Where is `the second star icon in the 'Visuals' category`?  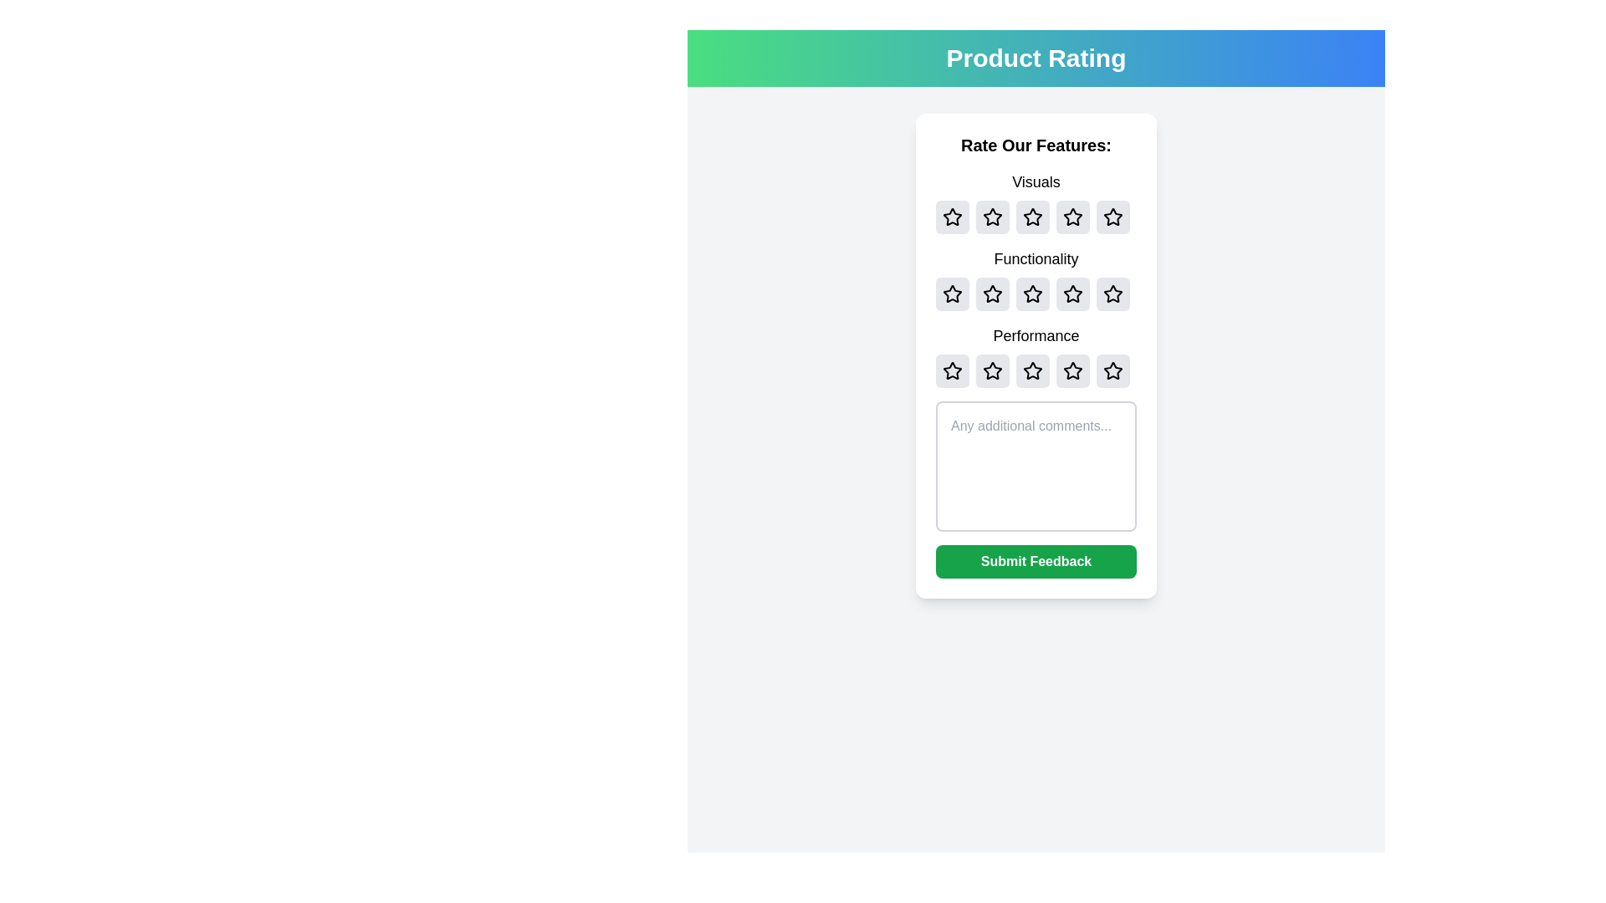
the second star icon in the 'Visuals' category is located at coordinates (1031, 215).